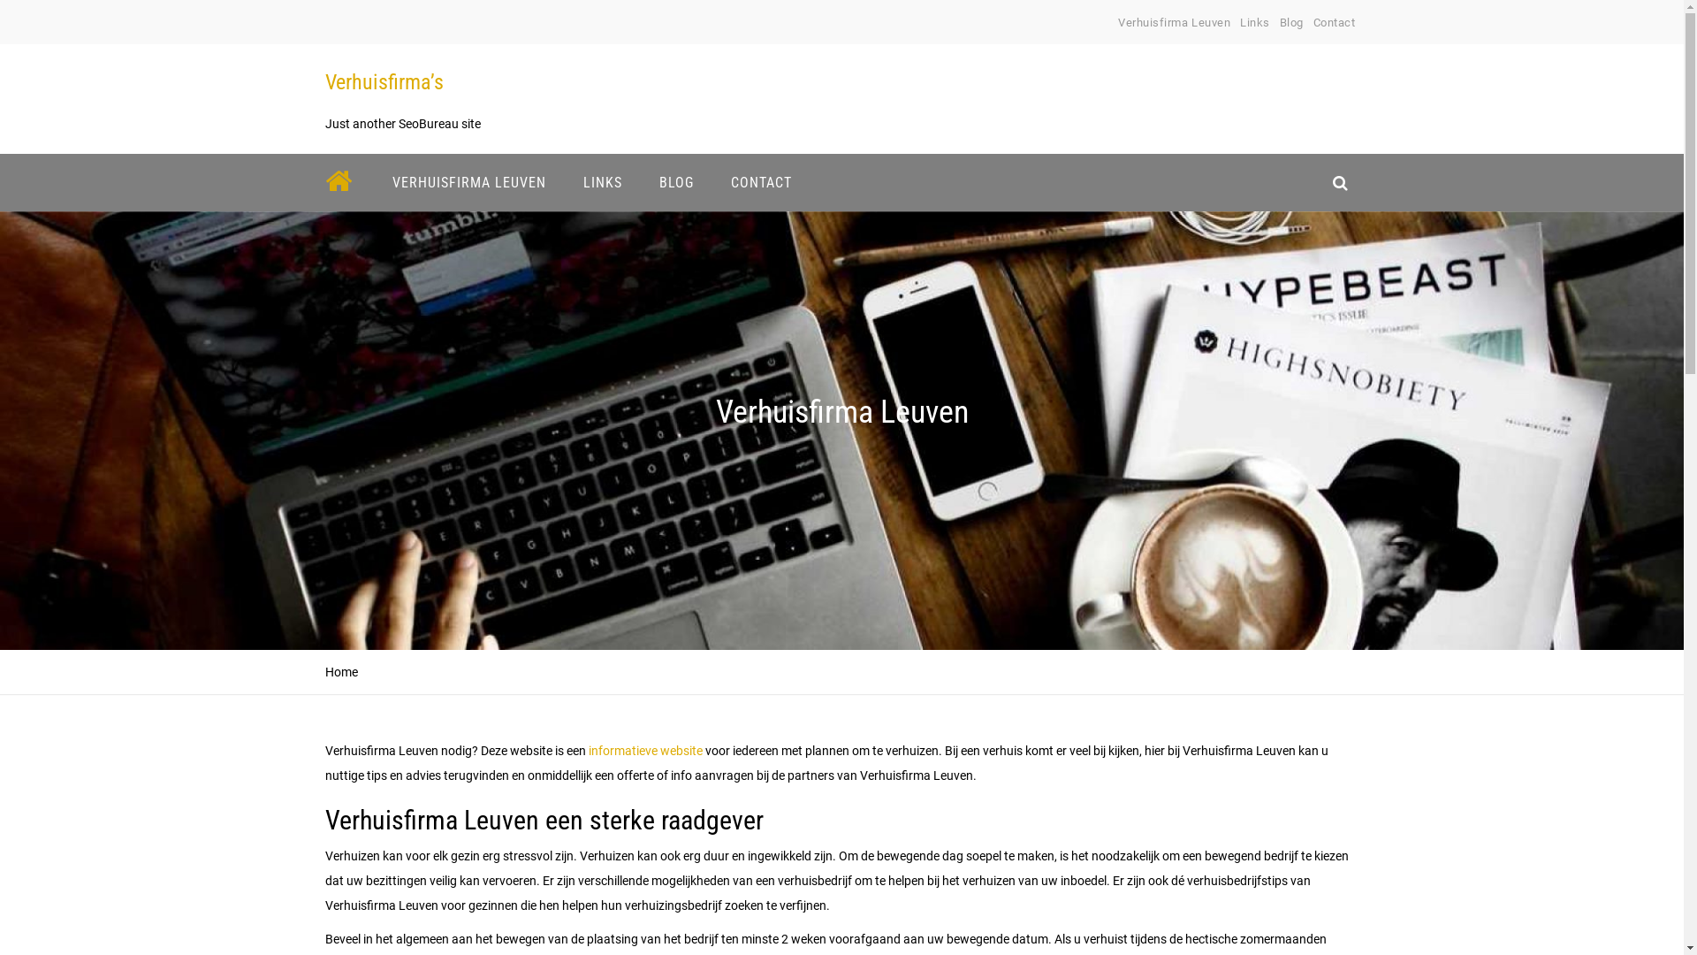 The image size is (1697, 955). Describe the element at coordinates (1339, 182) in the screenshot. I see `'search_icon'` at that location.